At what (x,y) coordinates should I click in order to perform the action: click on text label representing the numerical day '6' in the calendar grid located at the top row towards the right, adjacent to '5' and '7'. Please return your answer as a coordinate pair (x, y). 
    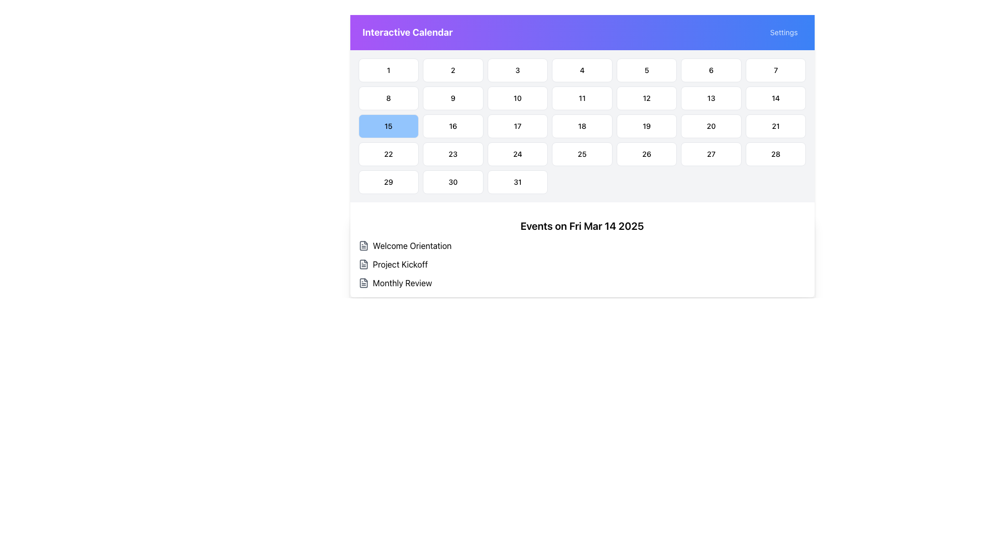
    Looking at the image, I should click on (710, 70).